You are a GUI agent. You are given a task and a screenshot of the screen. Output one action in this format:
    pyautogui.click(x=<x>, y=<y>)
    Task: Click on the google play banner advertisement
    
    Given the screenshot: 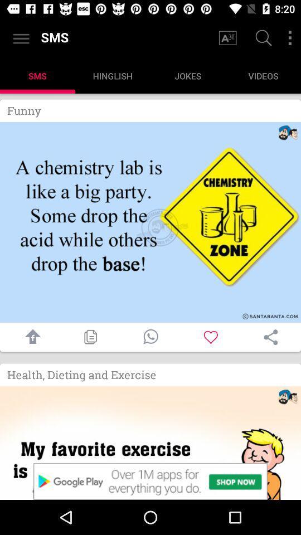 What is the action you would take?
    pyautogui.click(x=151, y=481)
    